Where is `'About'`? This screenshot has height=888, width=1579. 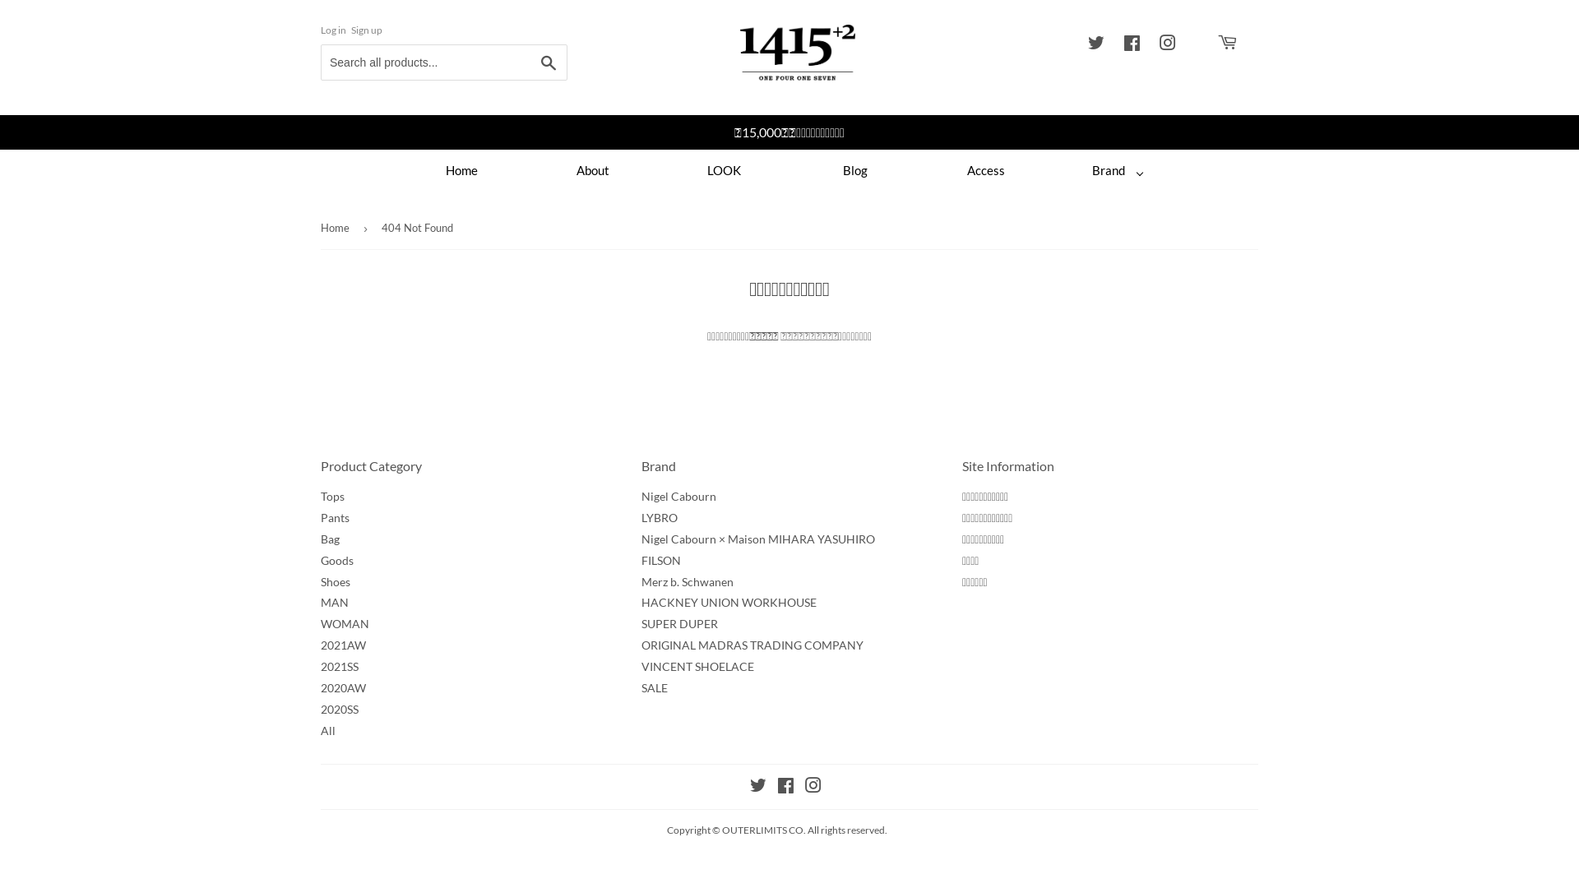
'About' is located at coordinates (592, 170).